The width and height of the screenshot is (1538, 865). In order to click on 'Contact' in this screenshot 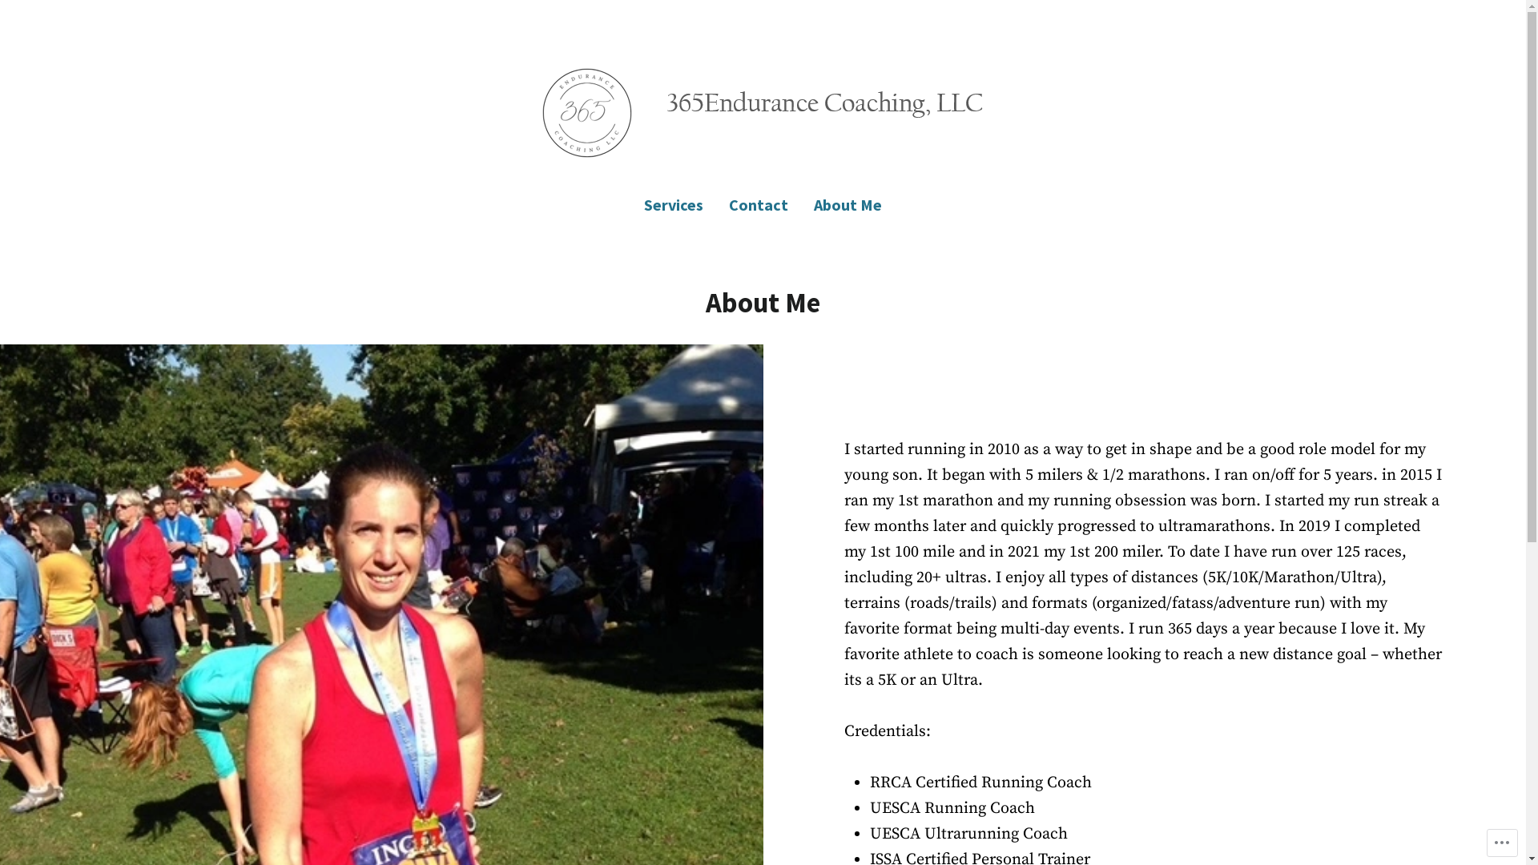, I will do `click(757, 203)`.